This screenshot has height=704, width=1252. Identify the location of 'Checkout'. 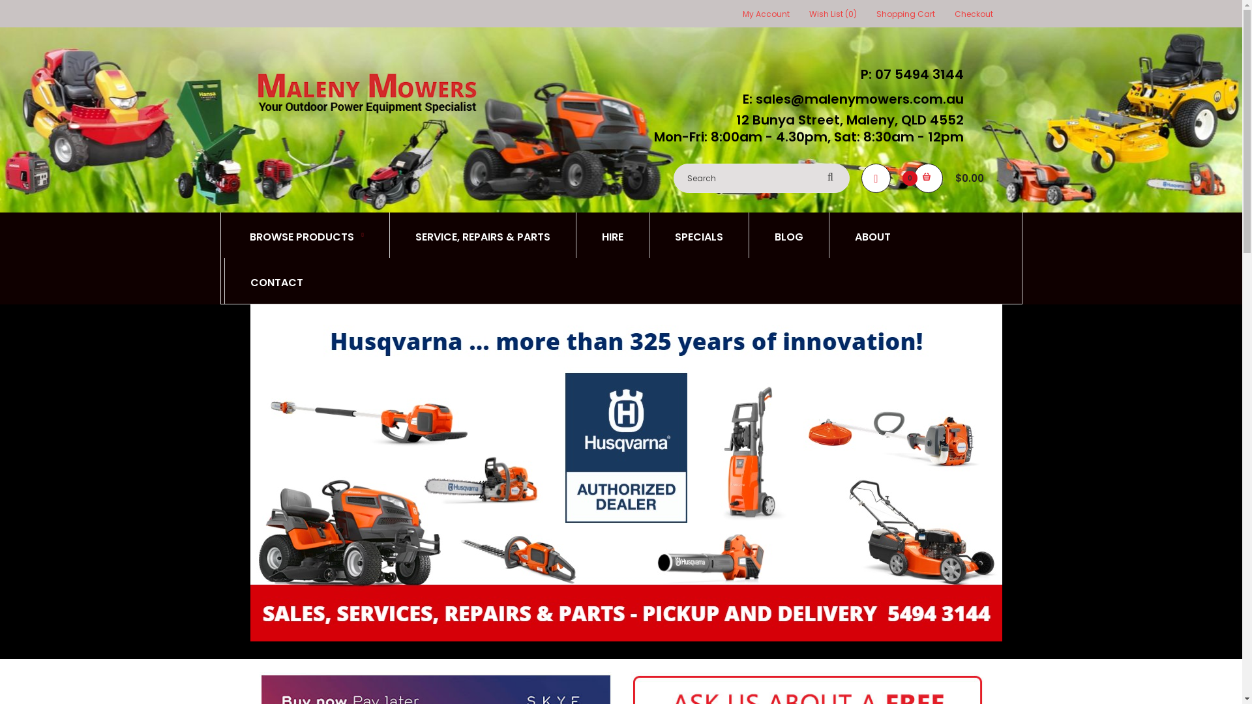
(955, 14).